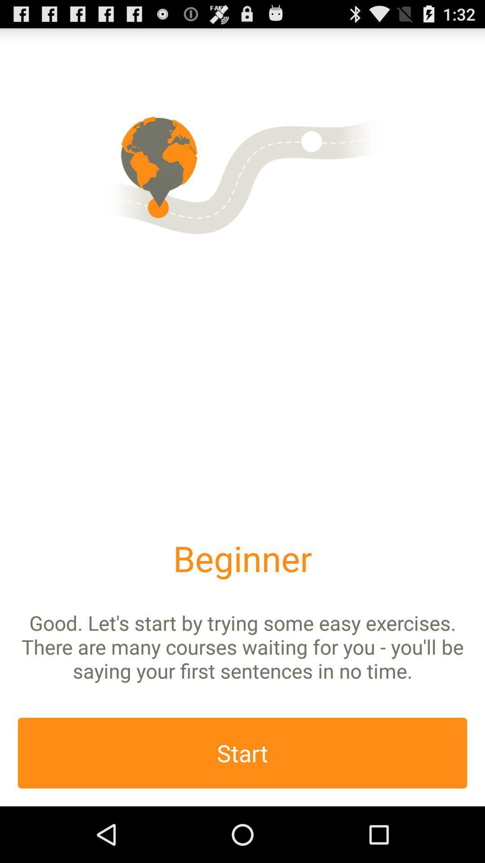 This screenshot has height=863, width=485. I want to click on the image above beginner, so click(242, 173).